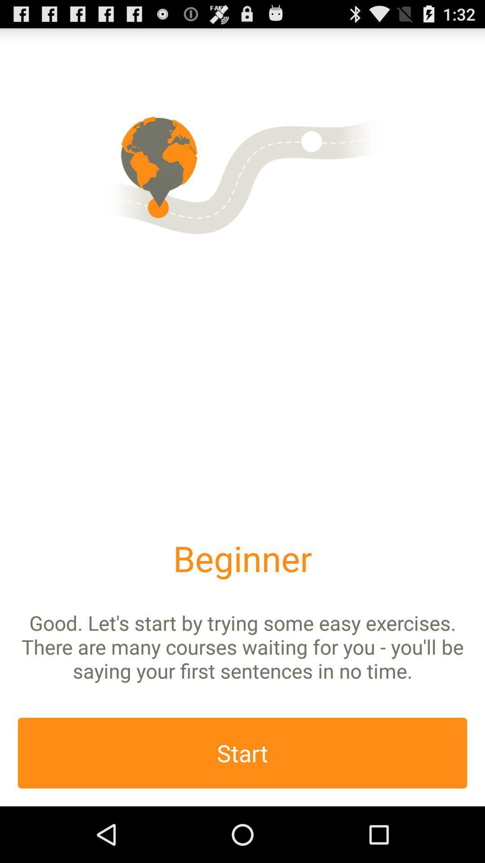 This screenshot has height=863, width=485. I want to click on the image above beginner, so click(242, 173).